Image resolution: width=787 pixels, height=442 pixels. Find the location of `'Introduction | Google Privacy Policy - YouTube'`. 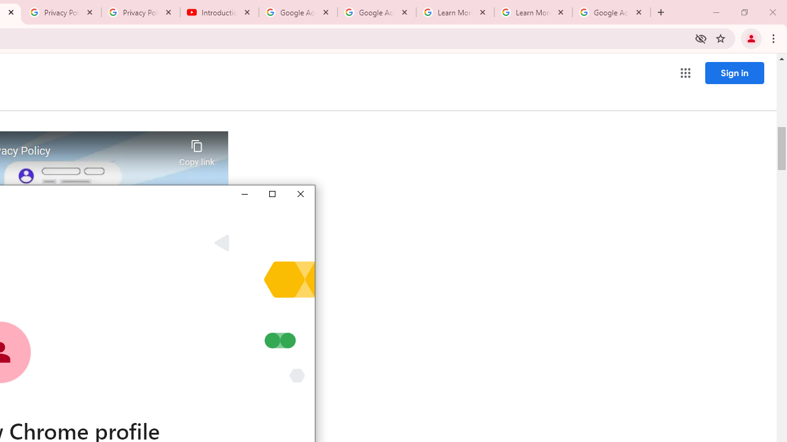

'Introduction | Google Privacy Policy - YouTube' is located at coordinates (219, 12).